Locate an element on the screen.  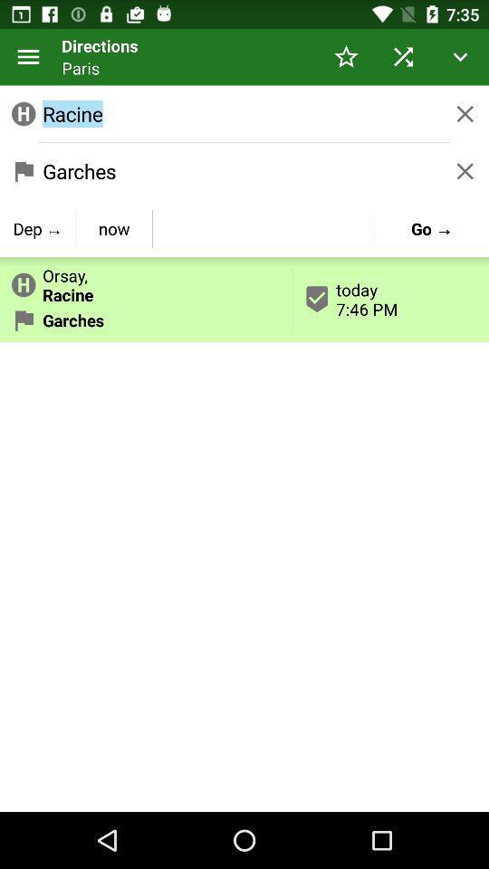
today 7 46 item is located at coordinates (390, 299).